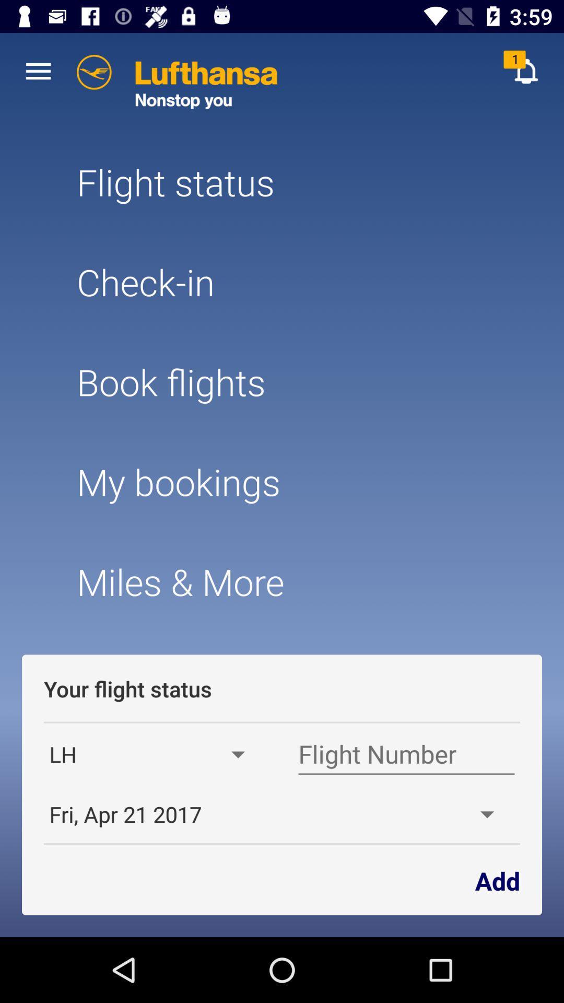 The height and width of the screenshot is (1003, 564). I want to click on text box, so click(406, 754).